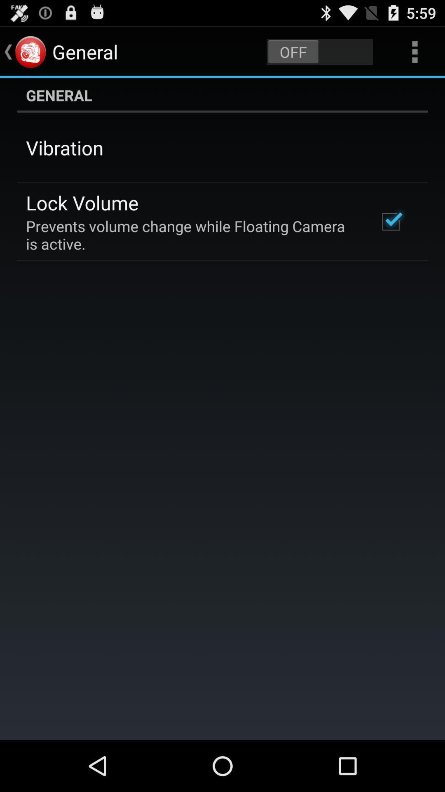  What do you see at coordinates (319, 51) in the screenshot?
I see `the item above general icon` at bounding box center [319, 51].